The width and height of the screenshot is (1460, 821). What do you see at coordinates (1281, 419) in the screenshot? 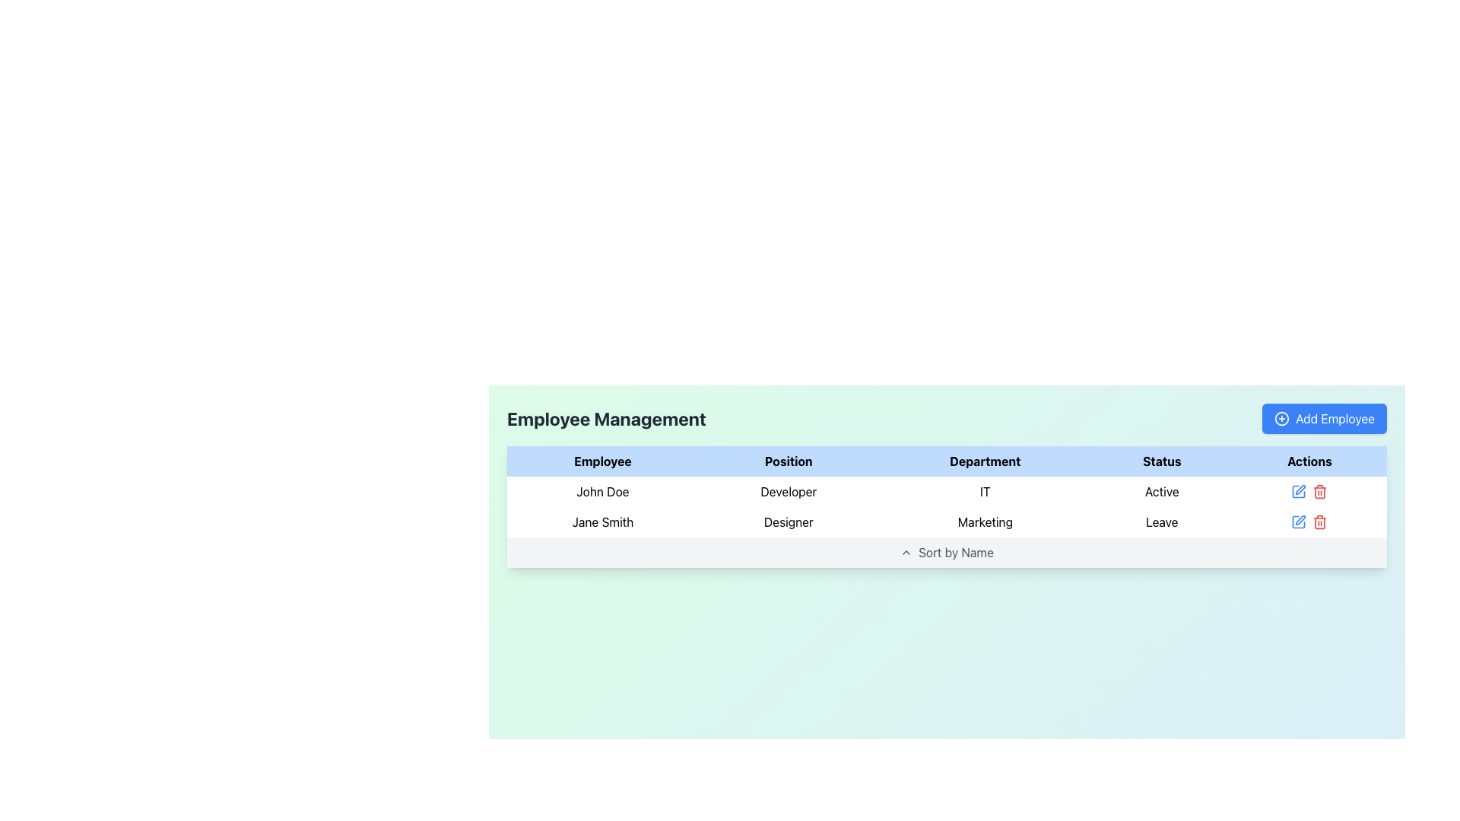
I see `the circular icon with a plus sign in the middle, which is part of the 'Add Employee' button located to the right of the main interface, preceding the text 'Add Employee'` at bounding box center [1281, 419].